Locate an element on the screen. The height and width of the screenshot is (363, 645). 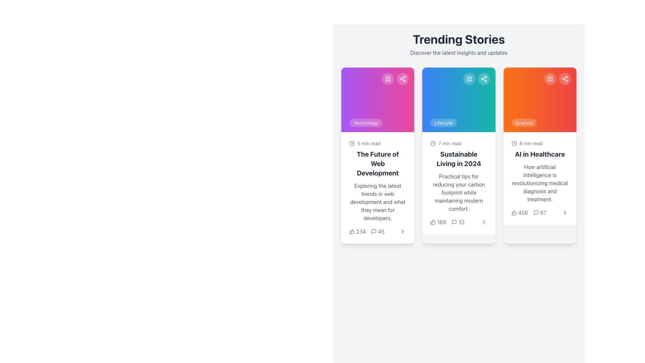
the clock icon, which is a simplistic, outline-styled icon located to the left of the '5 min read' text, indicating a reading duration is located at coordinates (351, 143).